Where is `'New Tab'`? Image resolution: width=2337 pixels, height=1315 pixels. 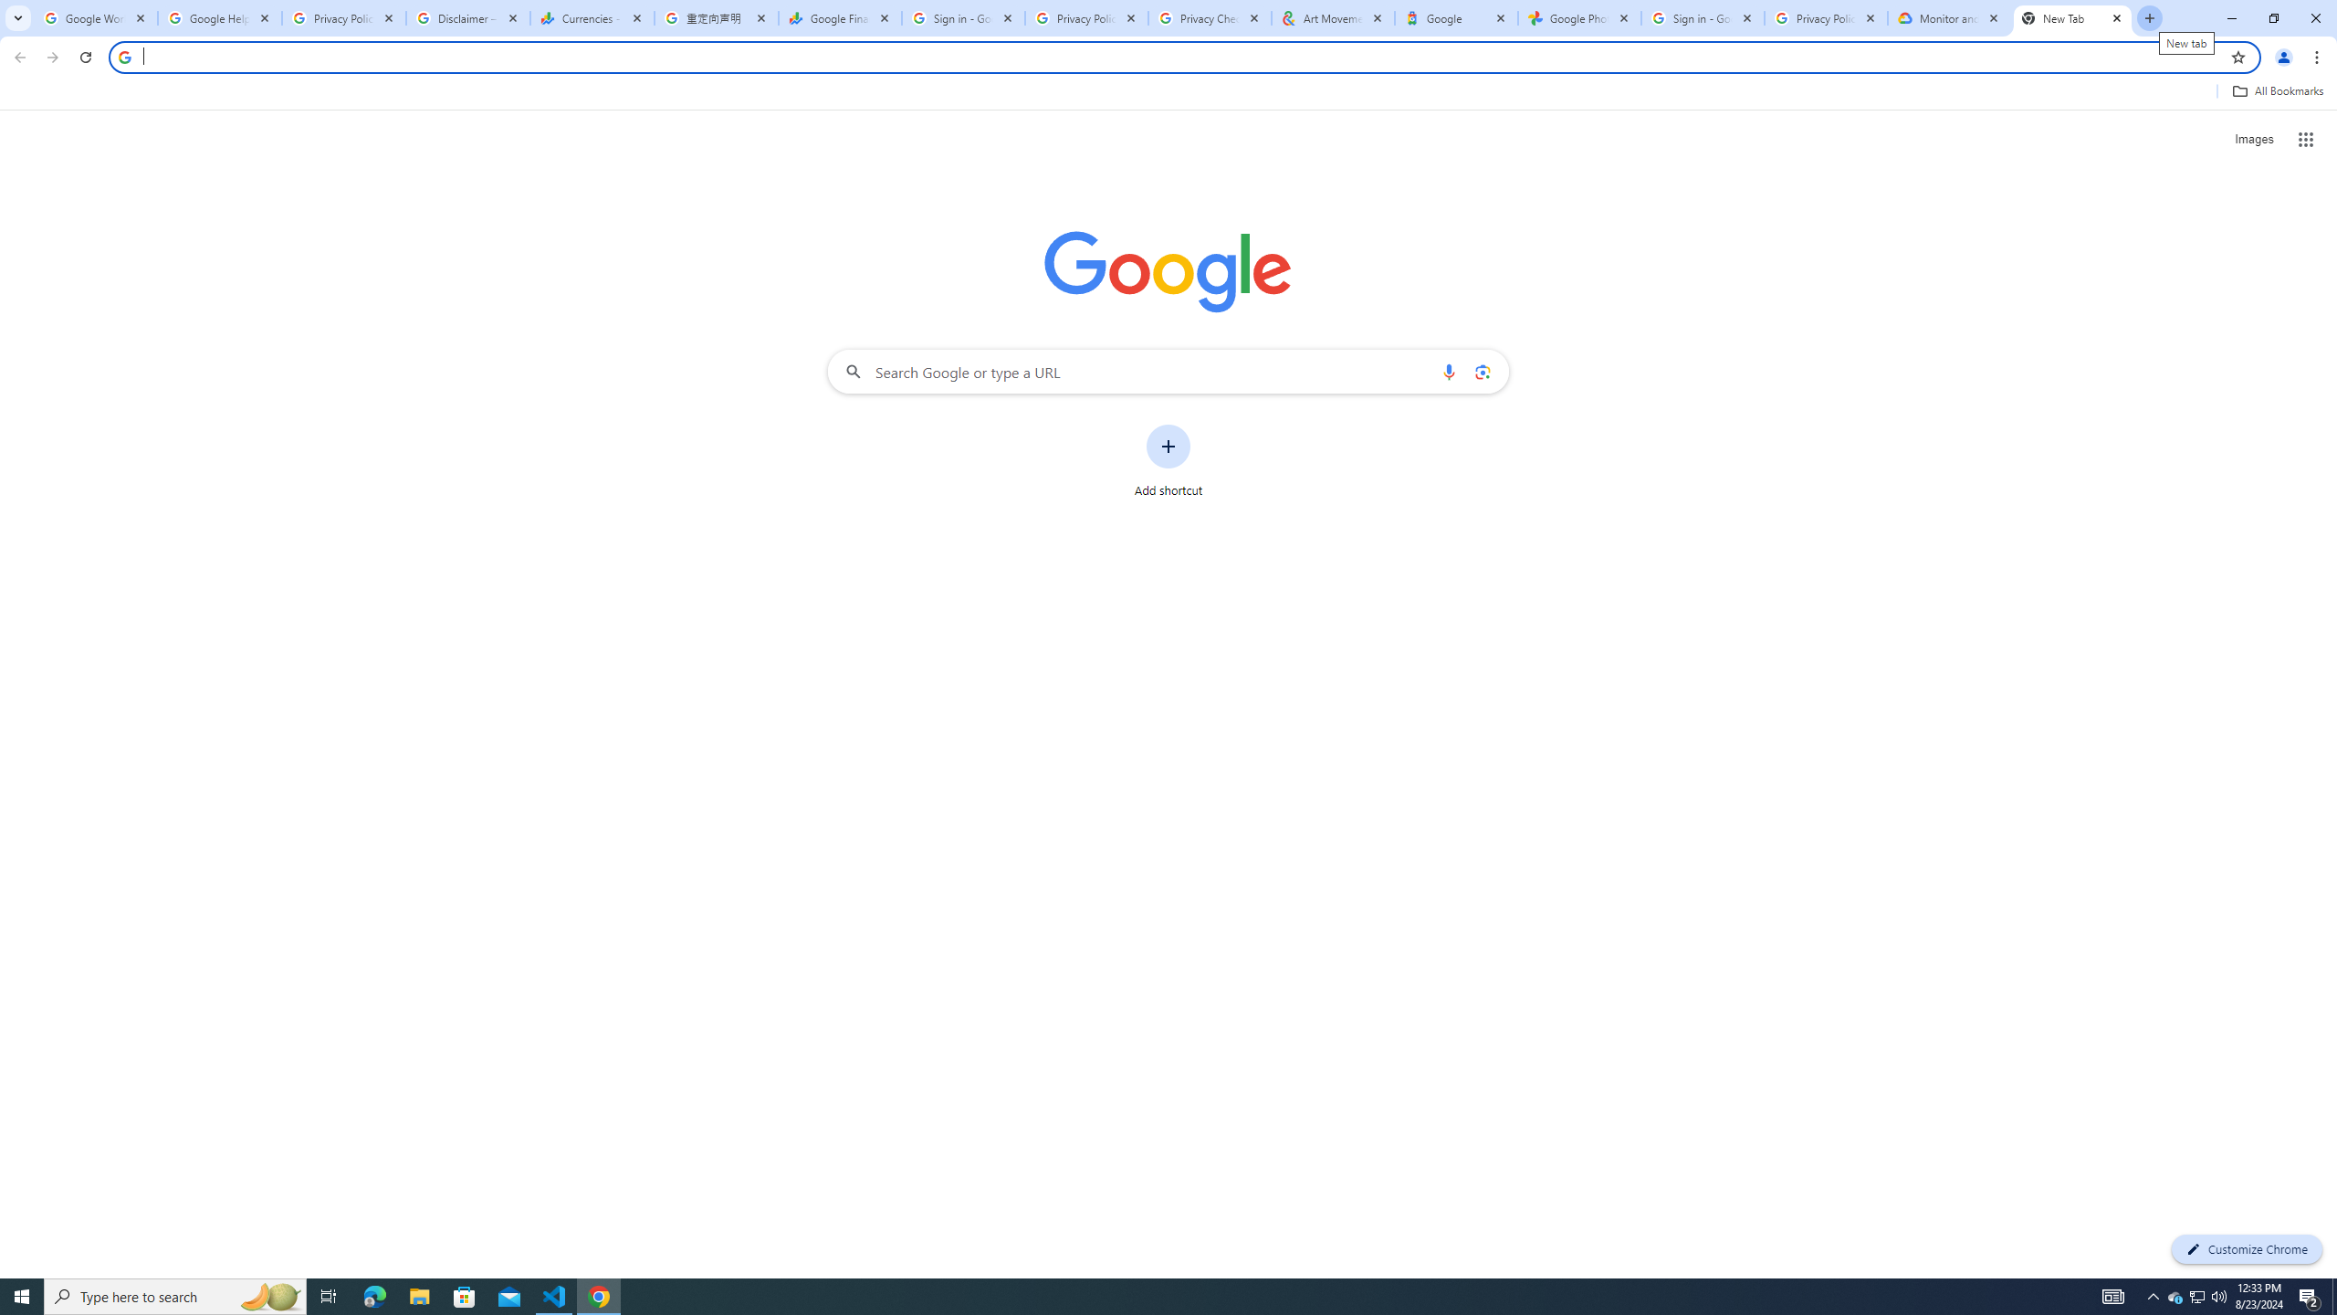
'New Tab' is located at coordinates (2072, 17).